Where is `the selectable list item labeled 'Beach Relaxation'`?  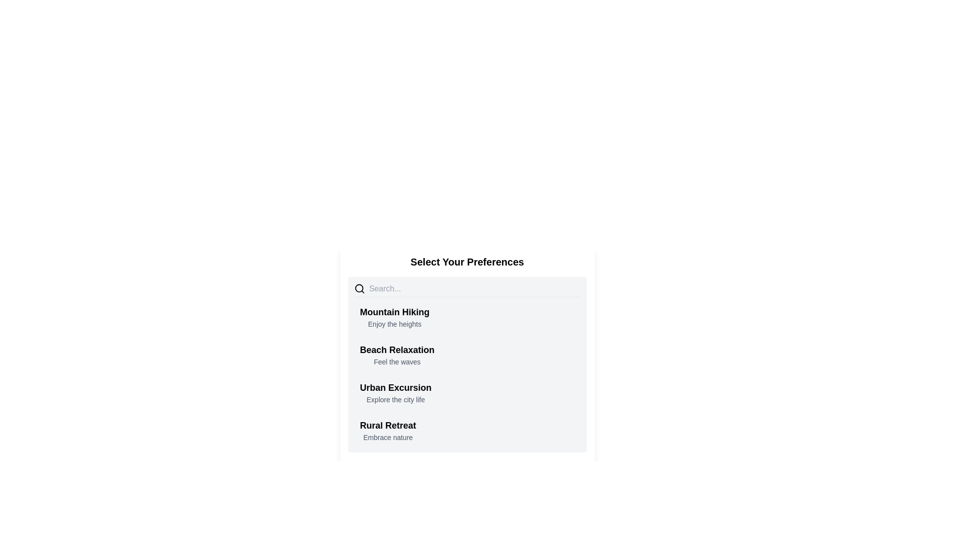 the selectable list item labeled 'Beach Relaxation' is located at coordinates (467, 354).